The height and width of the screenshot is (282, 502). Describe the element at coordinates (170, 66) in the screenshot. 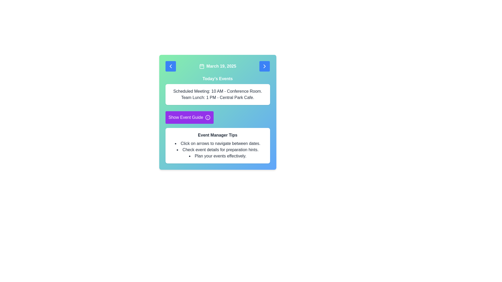

I see `the left chevron button in the upper left corner of the navigation control` at that location.